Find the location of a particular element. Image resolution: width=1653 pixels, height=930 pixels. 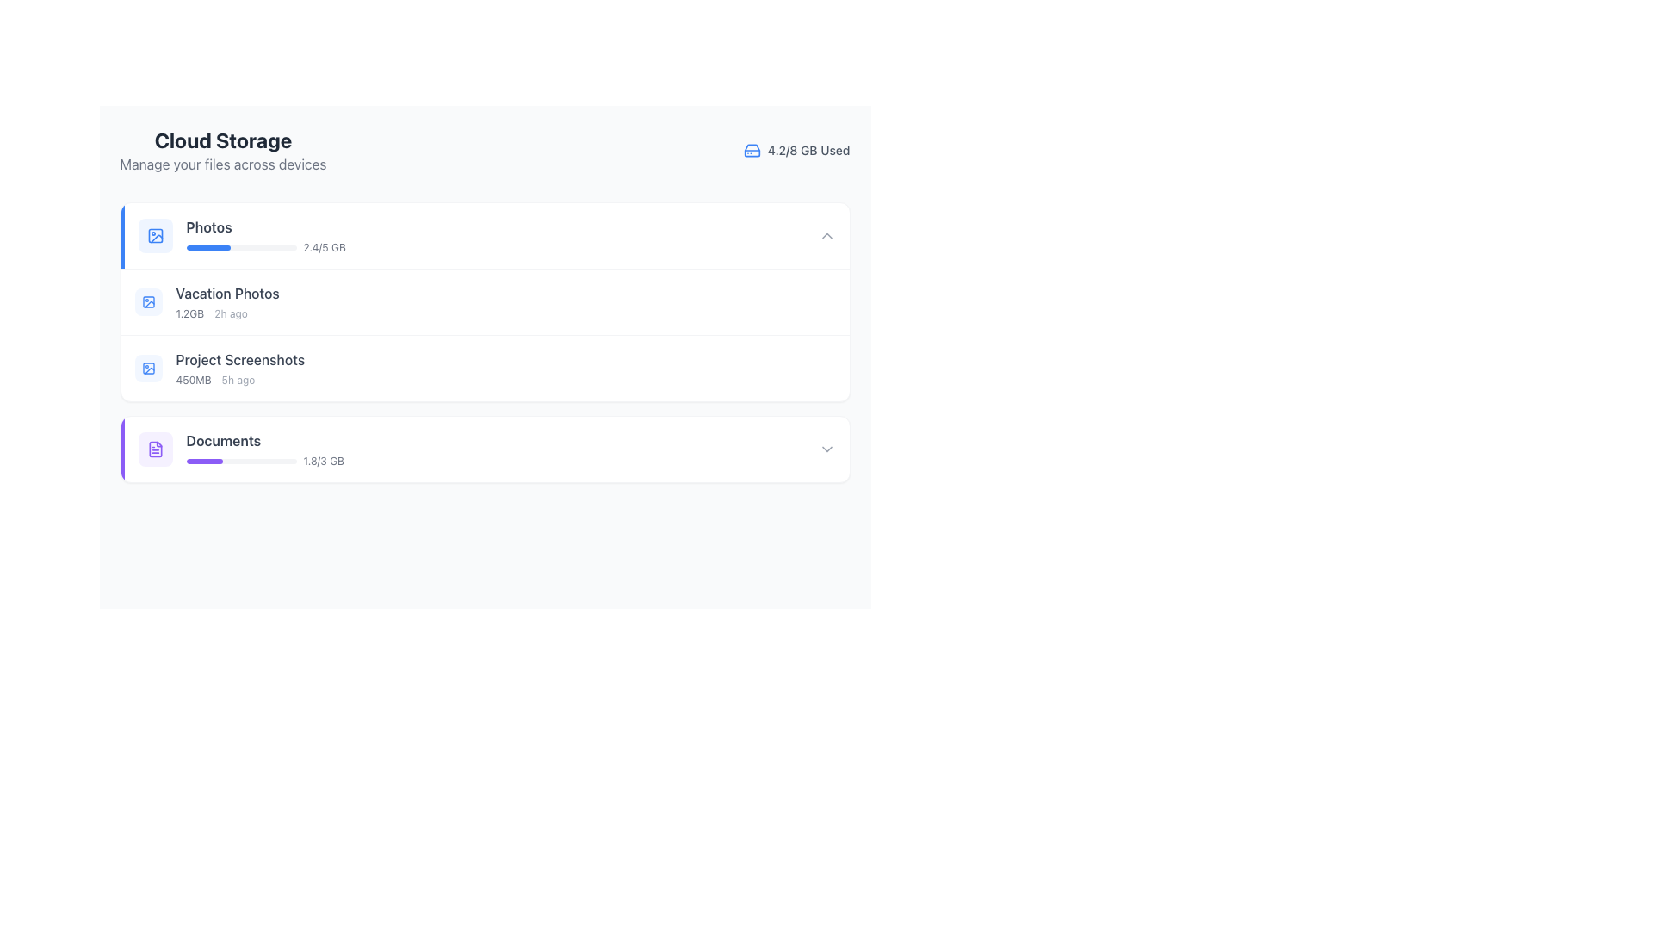

to select the file named 'Vacation Photos' located in the second row of the file list within the 'Cloud Storage' section is located at coordinates (207, 301).